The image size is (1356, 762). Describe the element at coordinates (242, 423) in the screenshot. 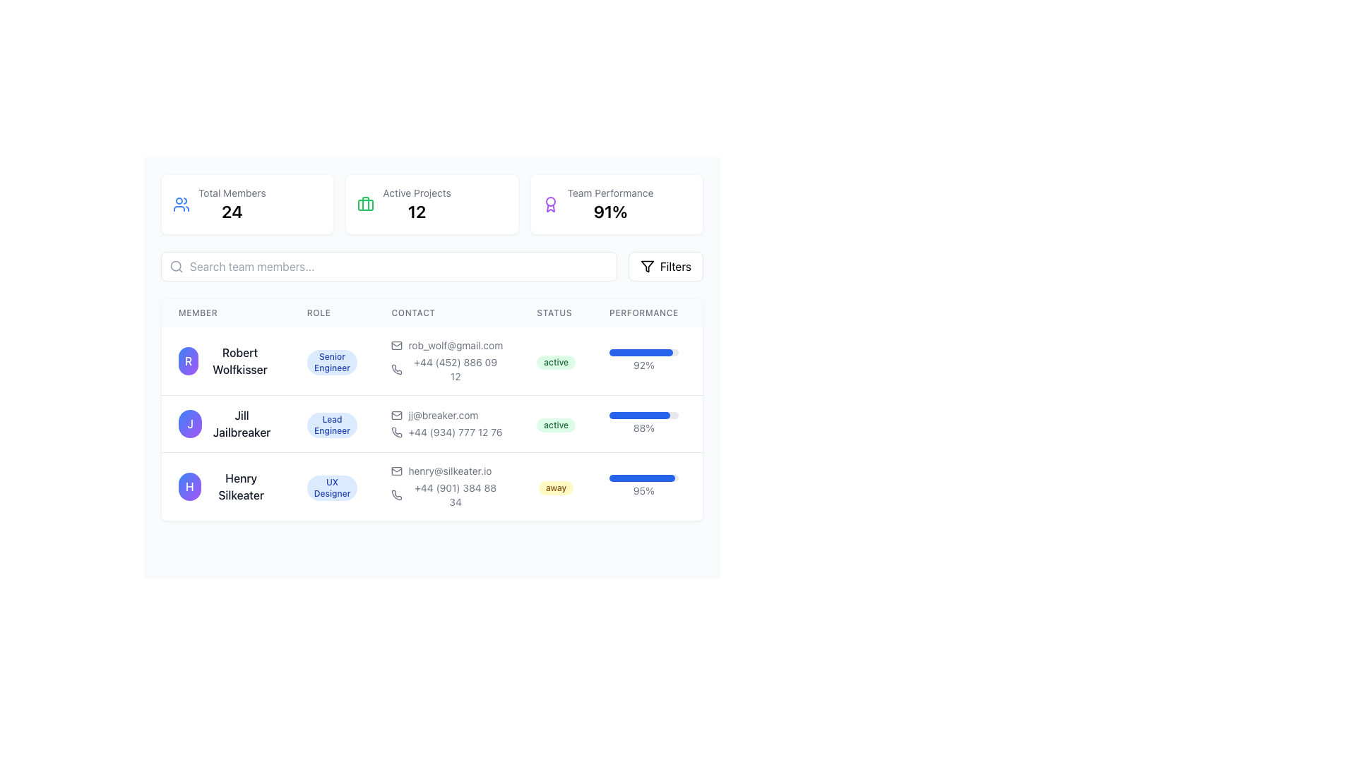

I see `the text label displaying the name 'Jill Jailbreaker', which is located in the second row of a table-like layout and is adjacent to a circular icon with the initial 'J'` at that location.